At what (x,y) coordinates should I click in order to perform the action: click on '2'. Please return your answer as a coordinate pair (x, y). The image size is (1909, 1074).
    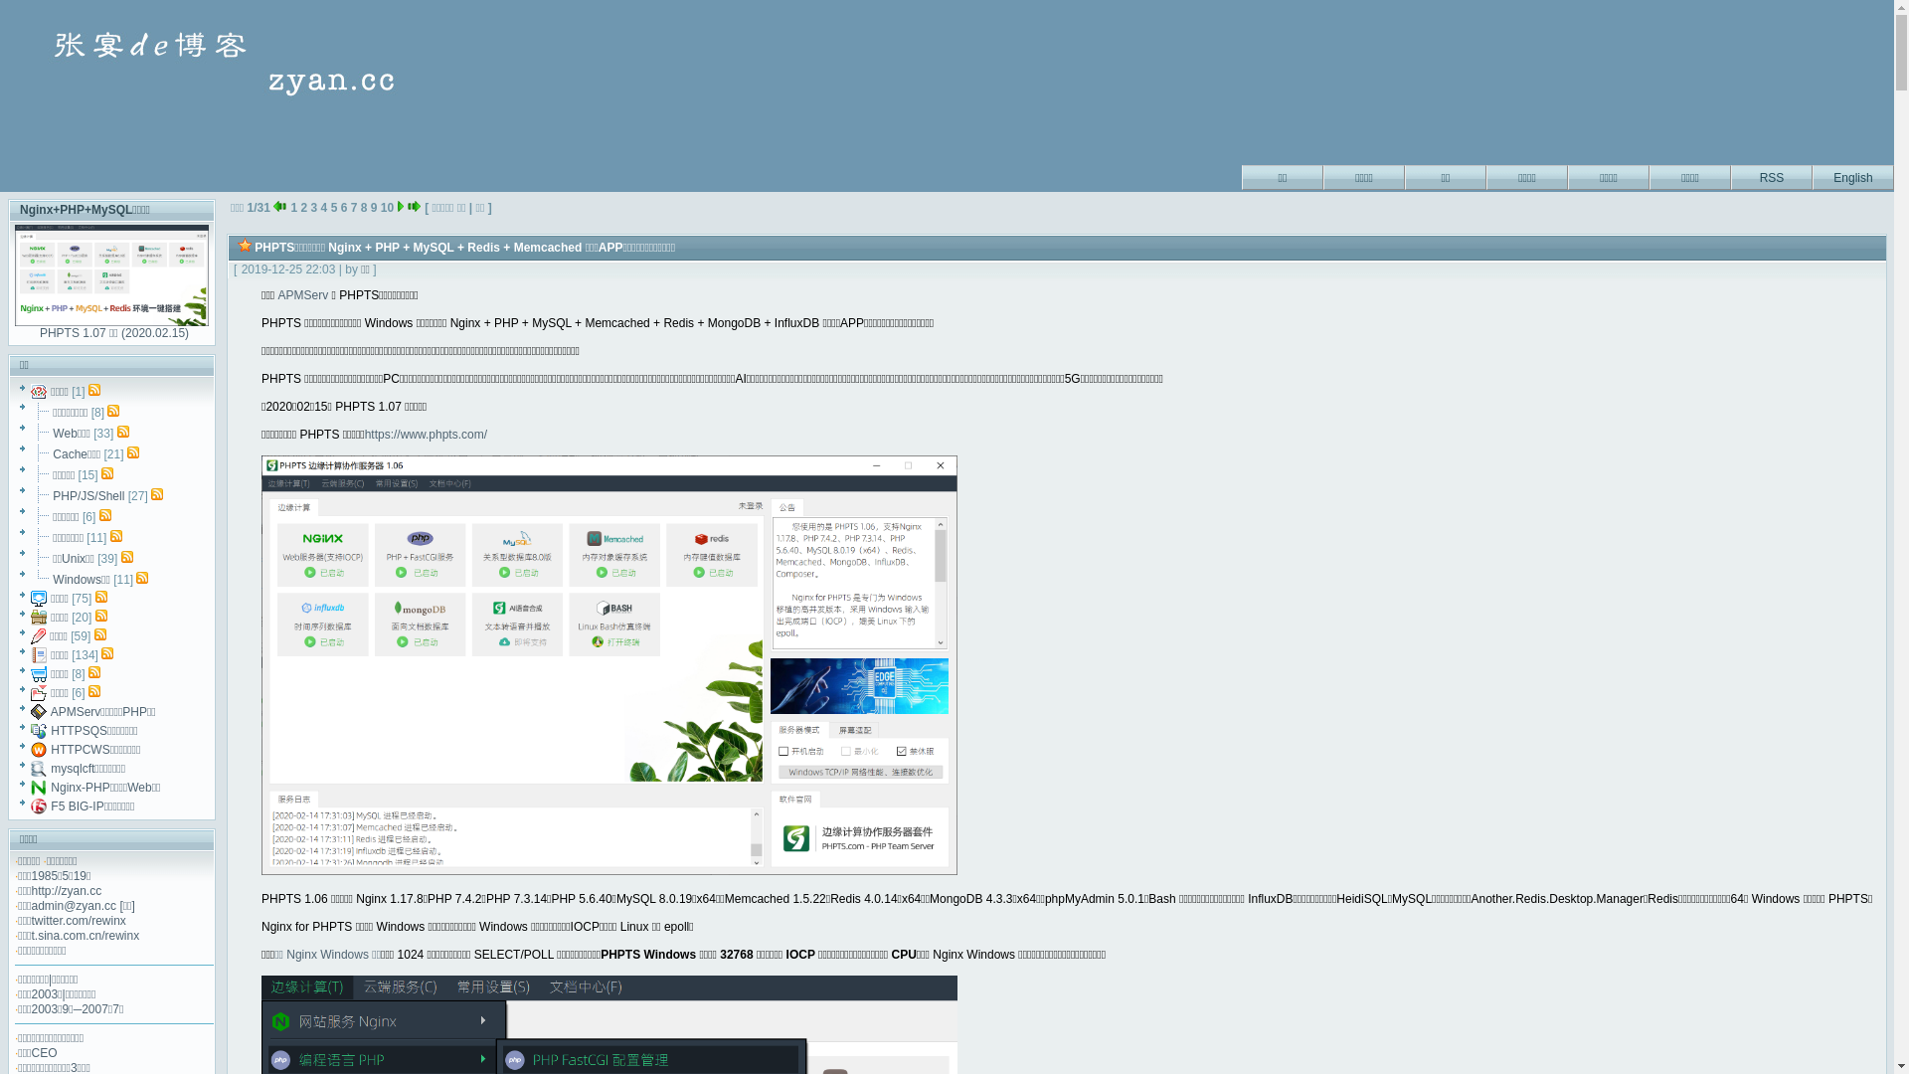
    Looking at the image, I should click on (299, 207).